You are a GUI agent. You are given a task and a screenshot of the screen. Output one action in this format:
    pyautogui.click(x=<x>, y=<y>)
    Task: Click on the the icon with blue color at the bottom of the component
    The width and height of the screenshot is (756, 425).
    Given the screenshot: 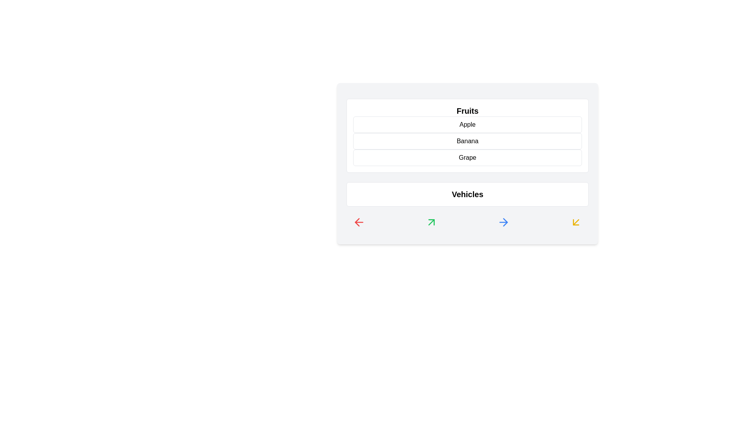 What is the action you would take?
    pyautogui.click(x=503, y=222)
    